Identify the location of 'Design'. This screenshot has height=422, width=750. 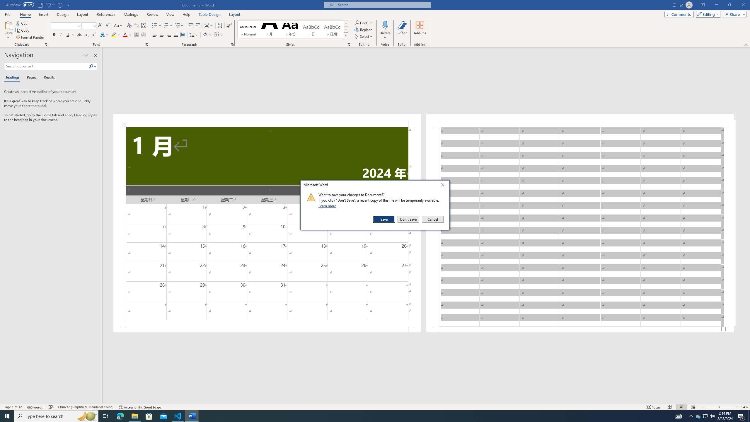
(63, 14).